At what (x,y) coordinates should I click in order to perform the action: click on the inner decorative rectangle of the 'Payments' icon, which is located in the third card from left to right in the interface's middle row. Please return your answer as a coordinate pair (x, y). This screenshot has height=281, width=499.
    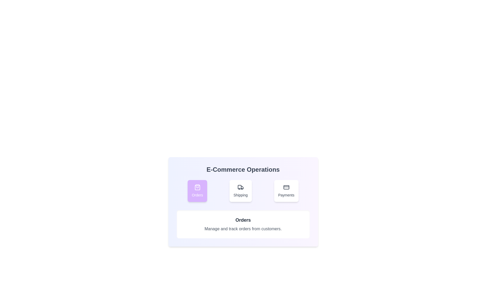
    Looking at the image, I should click on (286, 187).